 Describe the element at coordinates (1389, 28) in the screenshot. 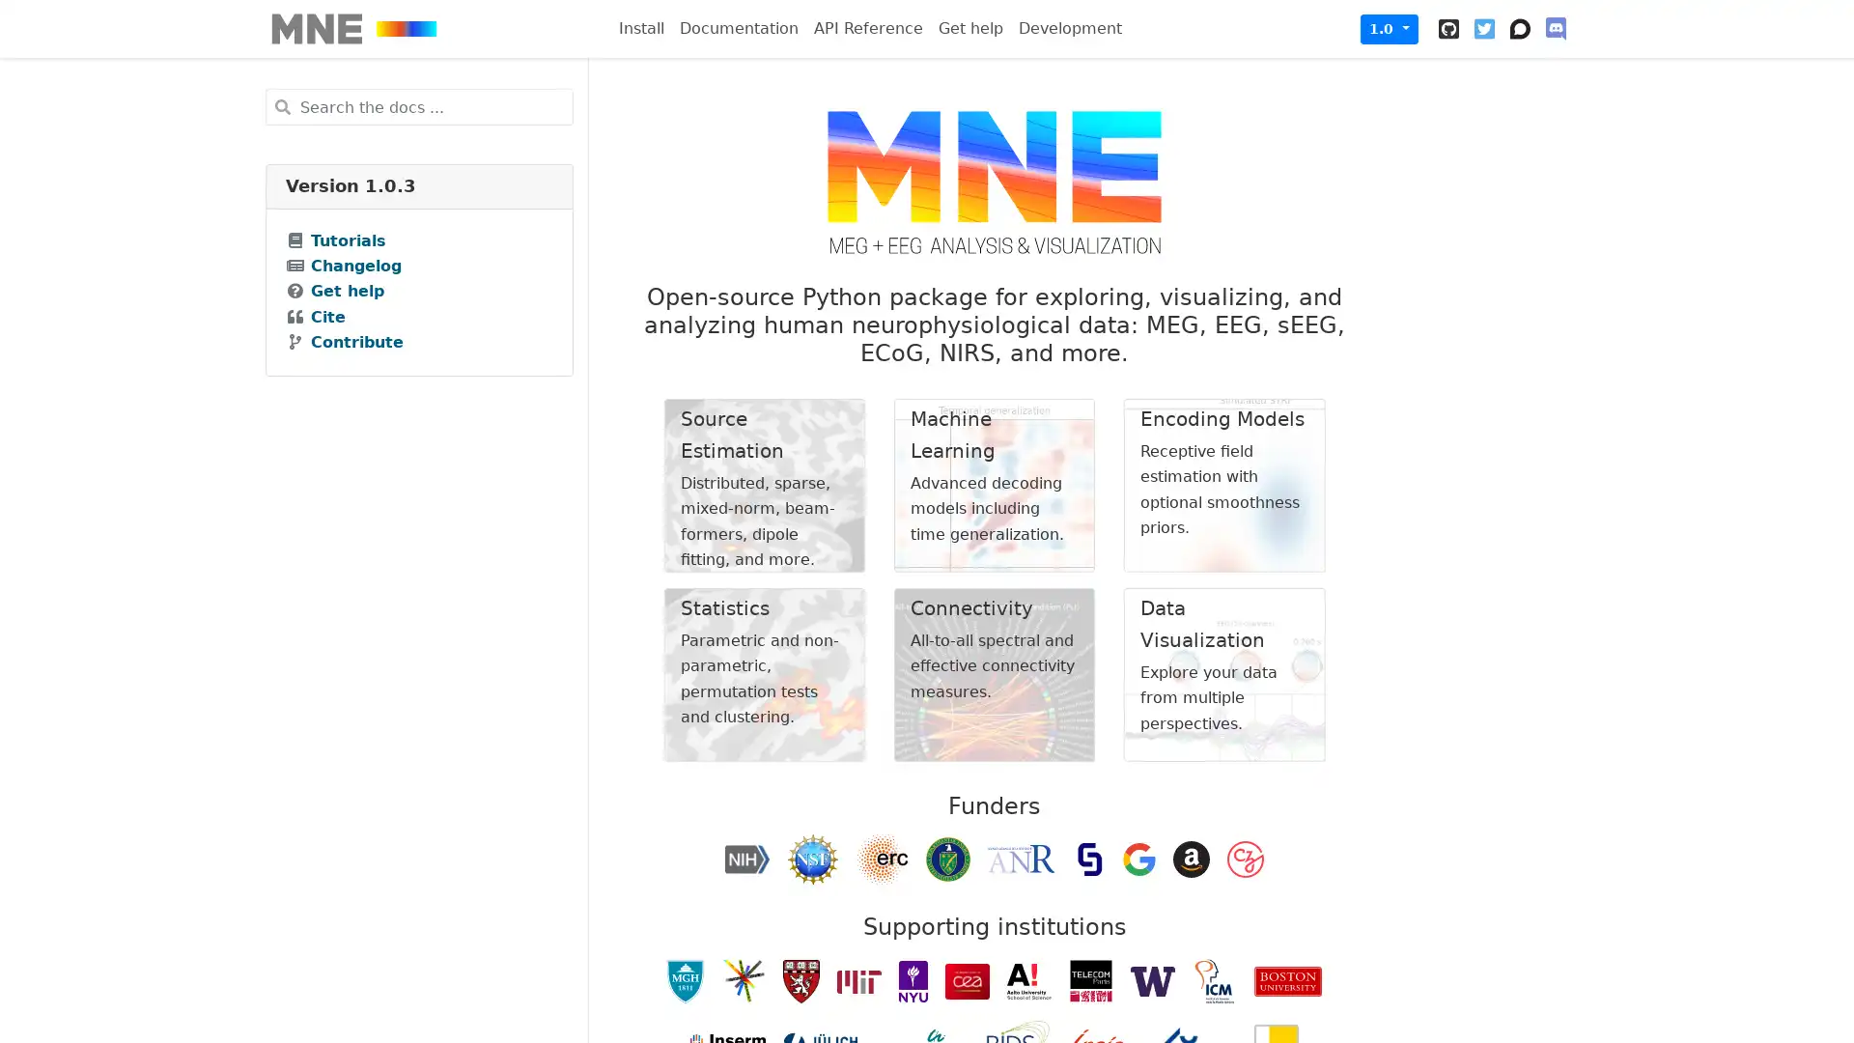

I see `1.0` at that location.